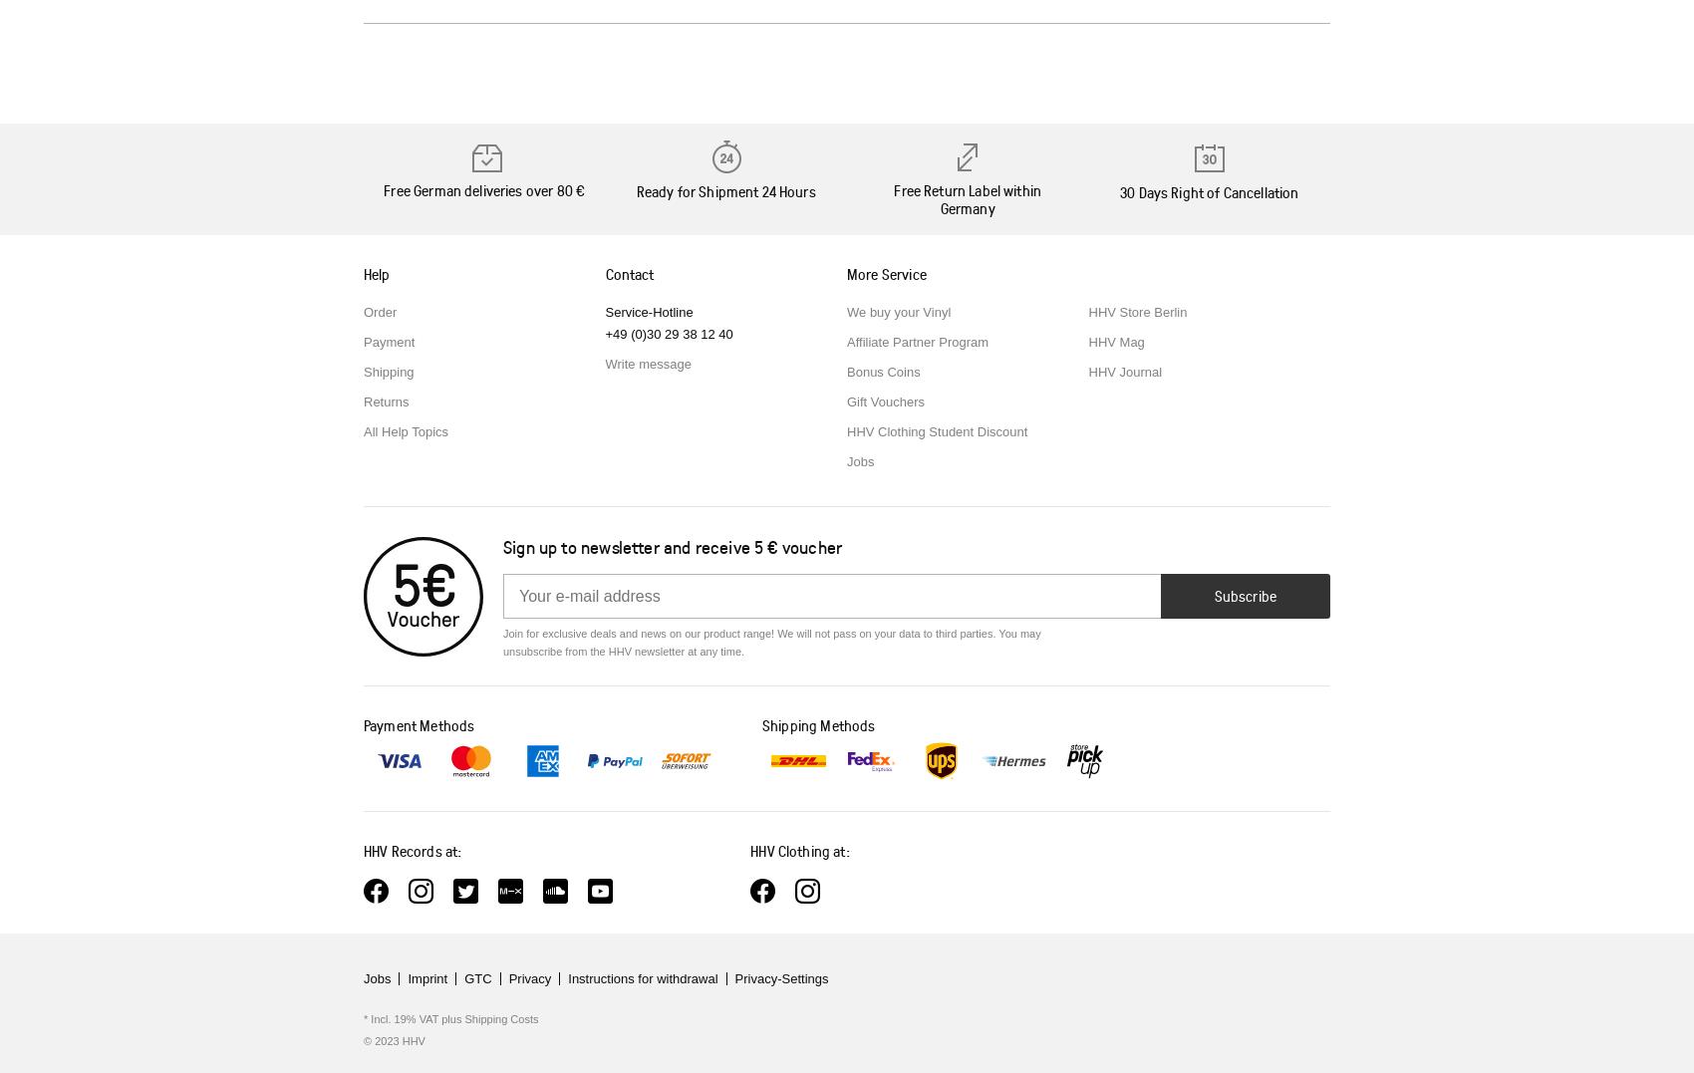 The image size is (1694, 1073). Describe the element at coordinates (967, 197) in the screenshot. I see `'Free Return Label within Germany'` at that location.